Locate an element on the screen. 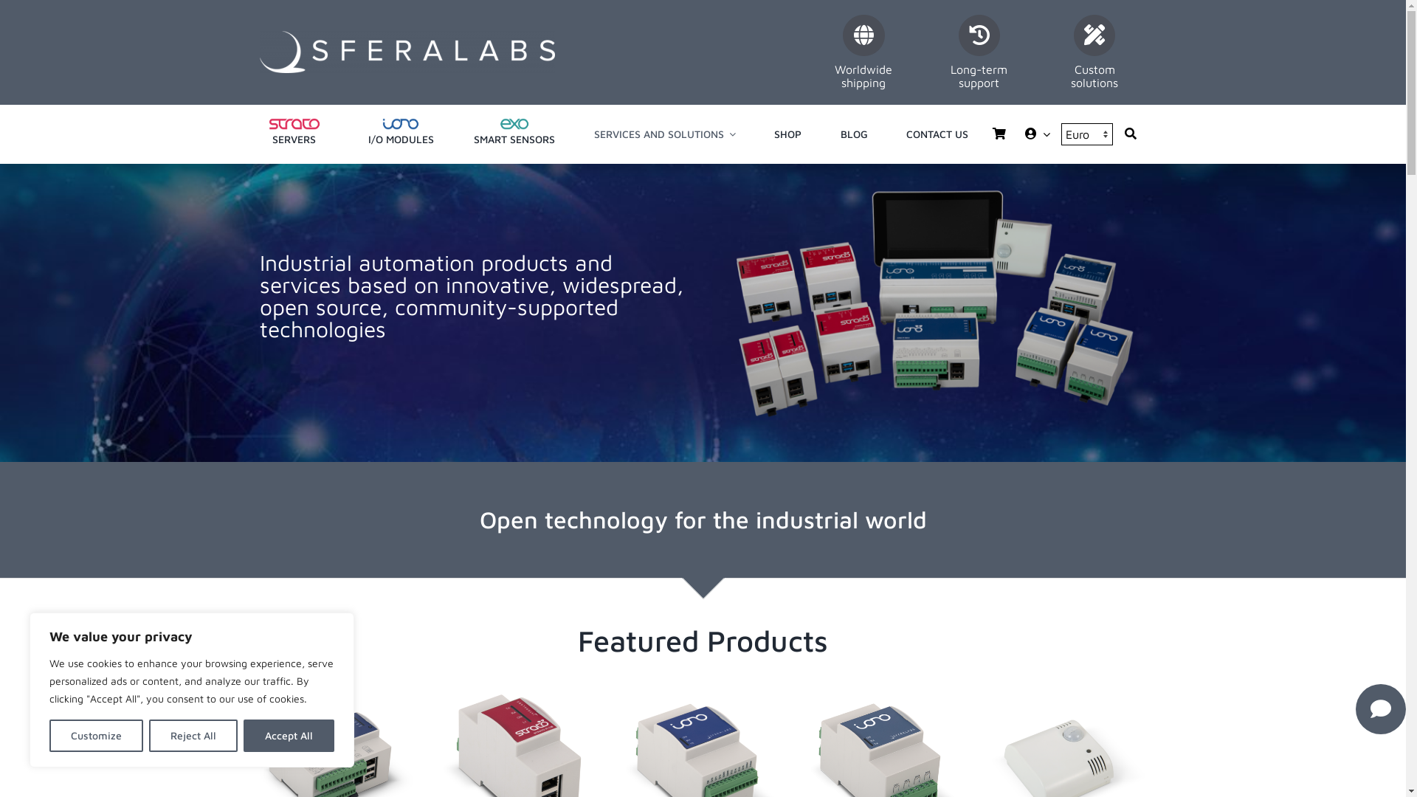 Image resolution: width=1417 pixels, height=797 pixels. 'Accept All' is located at coordinates (244, 735).